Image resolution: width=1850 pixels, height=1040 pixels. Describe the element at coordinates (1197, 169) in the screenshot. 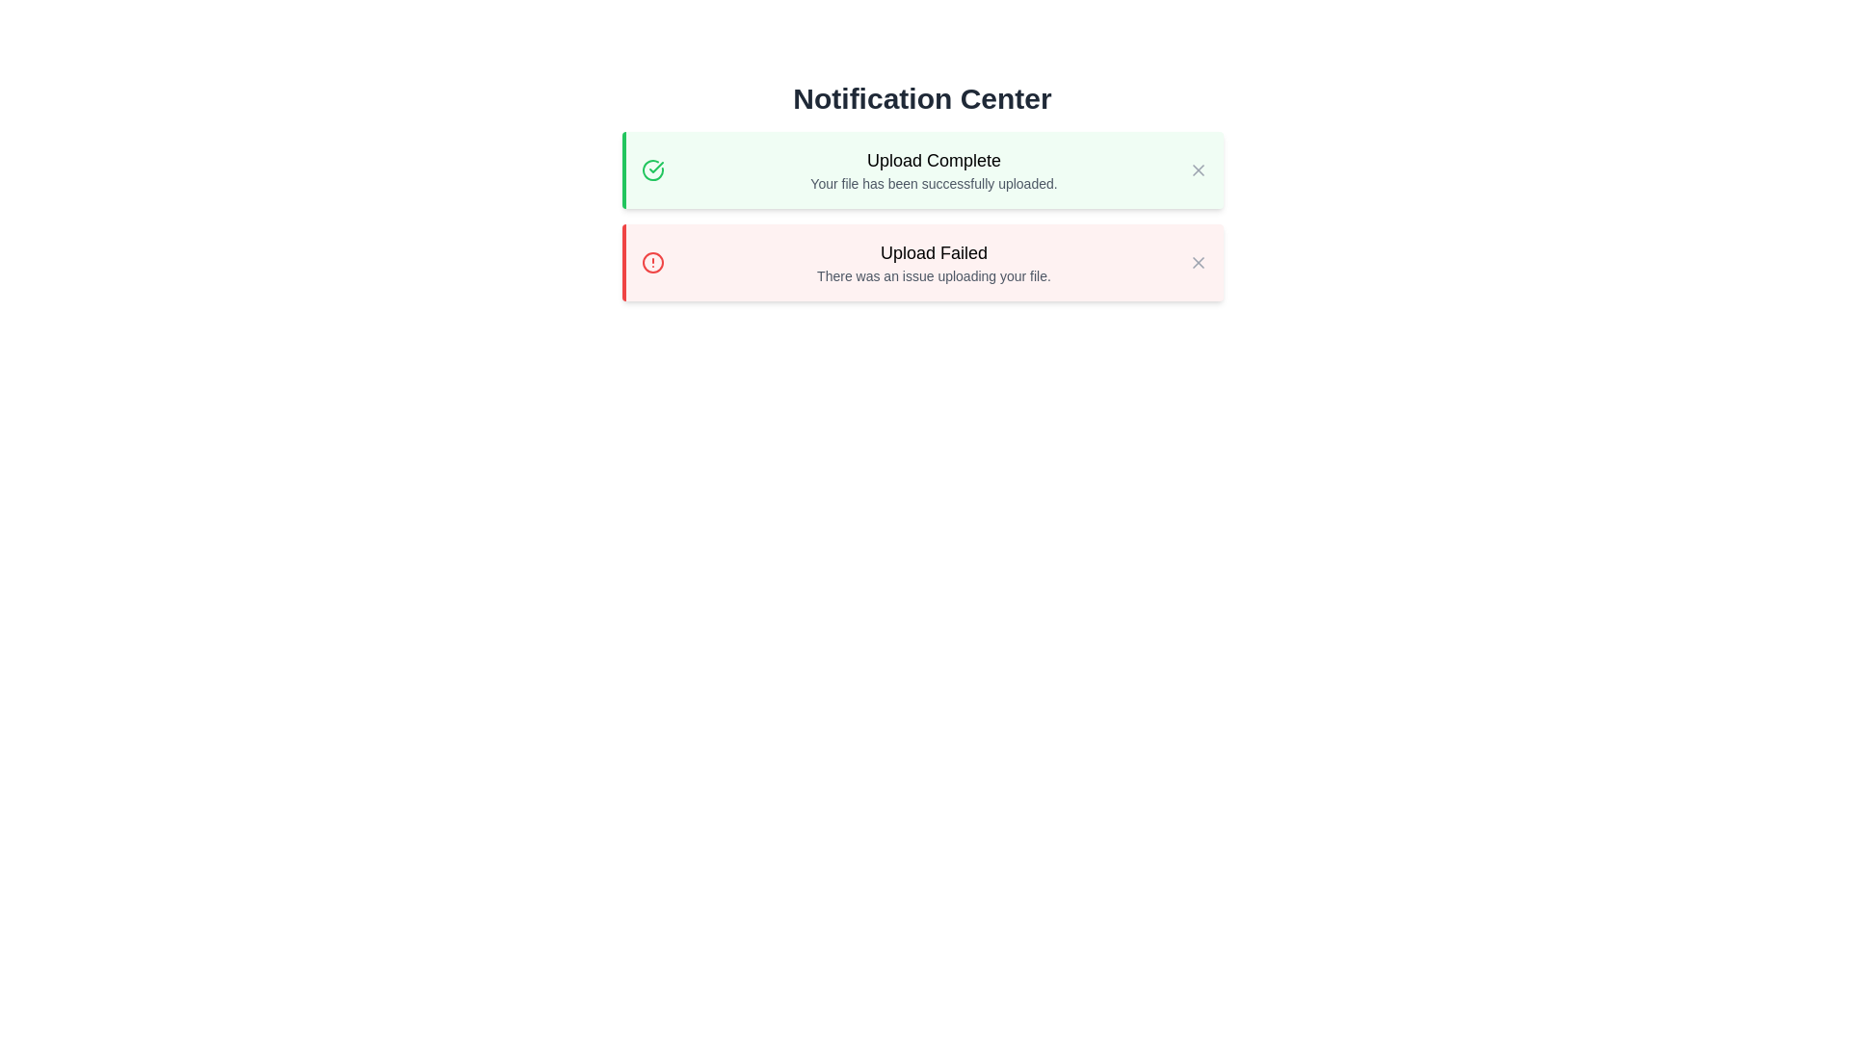

I see `the close button located in the top-right corner of the 'Upload Complete' notification` at that location.